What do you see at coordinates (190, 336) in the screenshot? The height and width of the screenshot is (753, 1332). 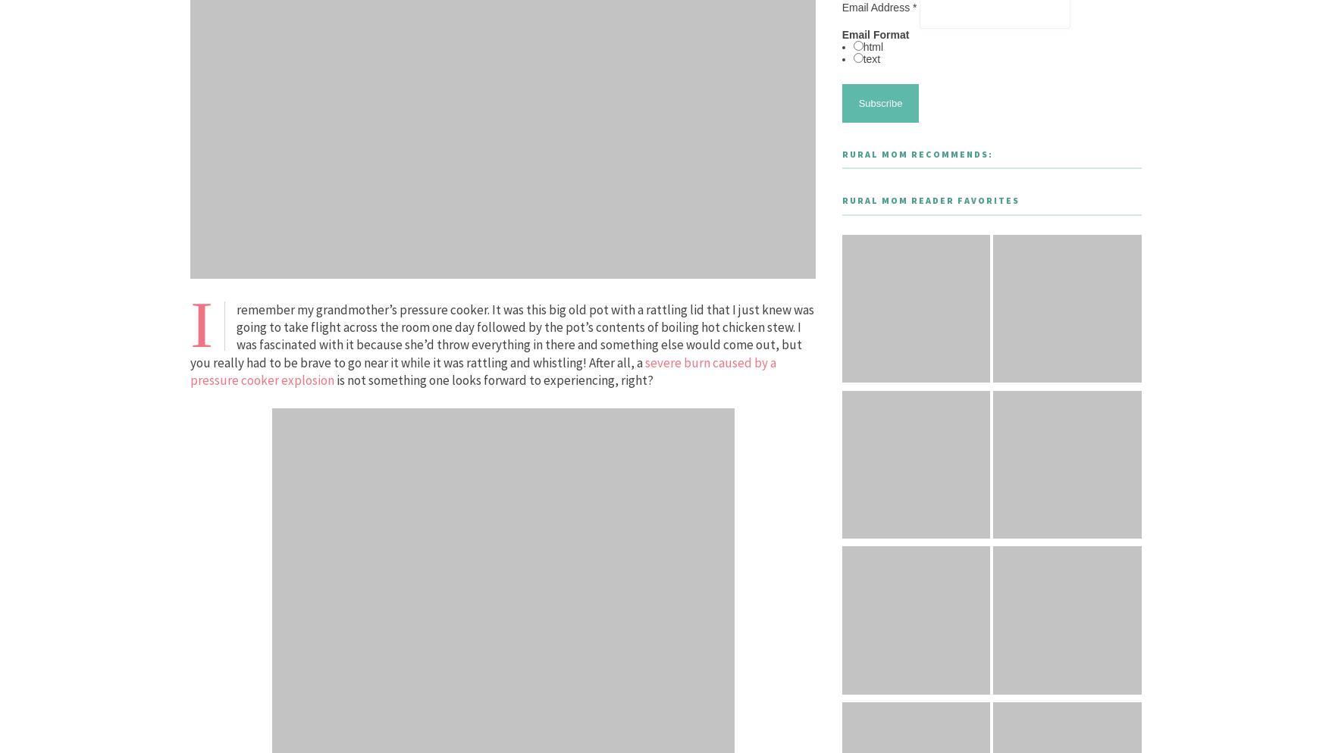 I see `'remember my grandmother’s pressure cooker. It was this big old pot with a rattling lid that I just knew was going to take flight across the room one day followed by the pot’s contents of boiling hot chicken stew. I was fascinated with it because she’d throw everything in there and something else would come out, but you really had to be brave to go near it while it was rattling and whistling! After all, a'` at bounding box center [190, 336].